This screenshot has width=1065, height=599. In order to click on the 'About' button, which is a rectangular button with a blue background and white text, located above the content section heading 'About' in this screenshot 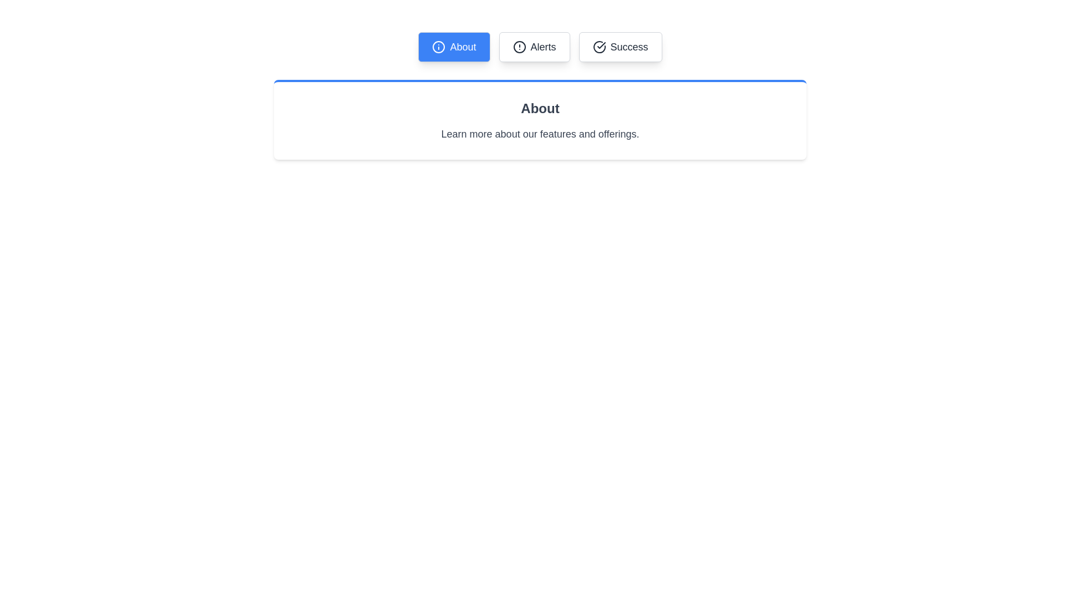, I will do `click(454, 46)`.